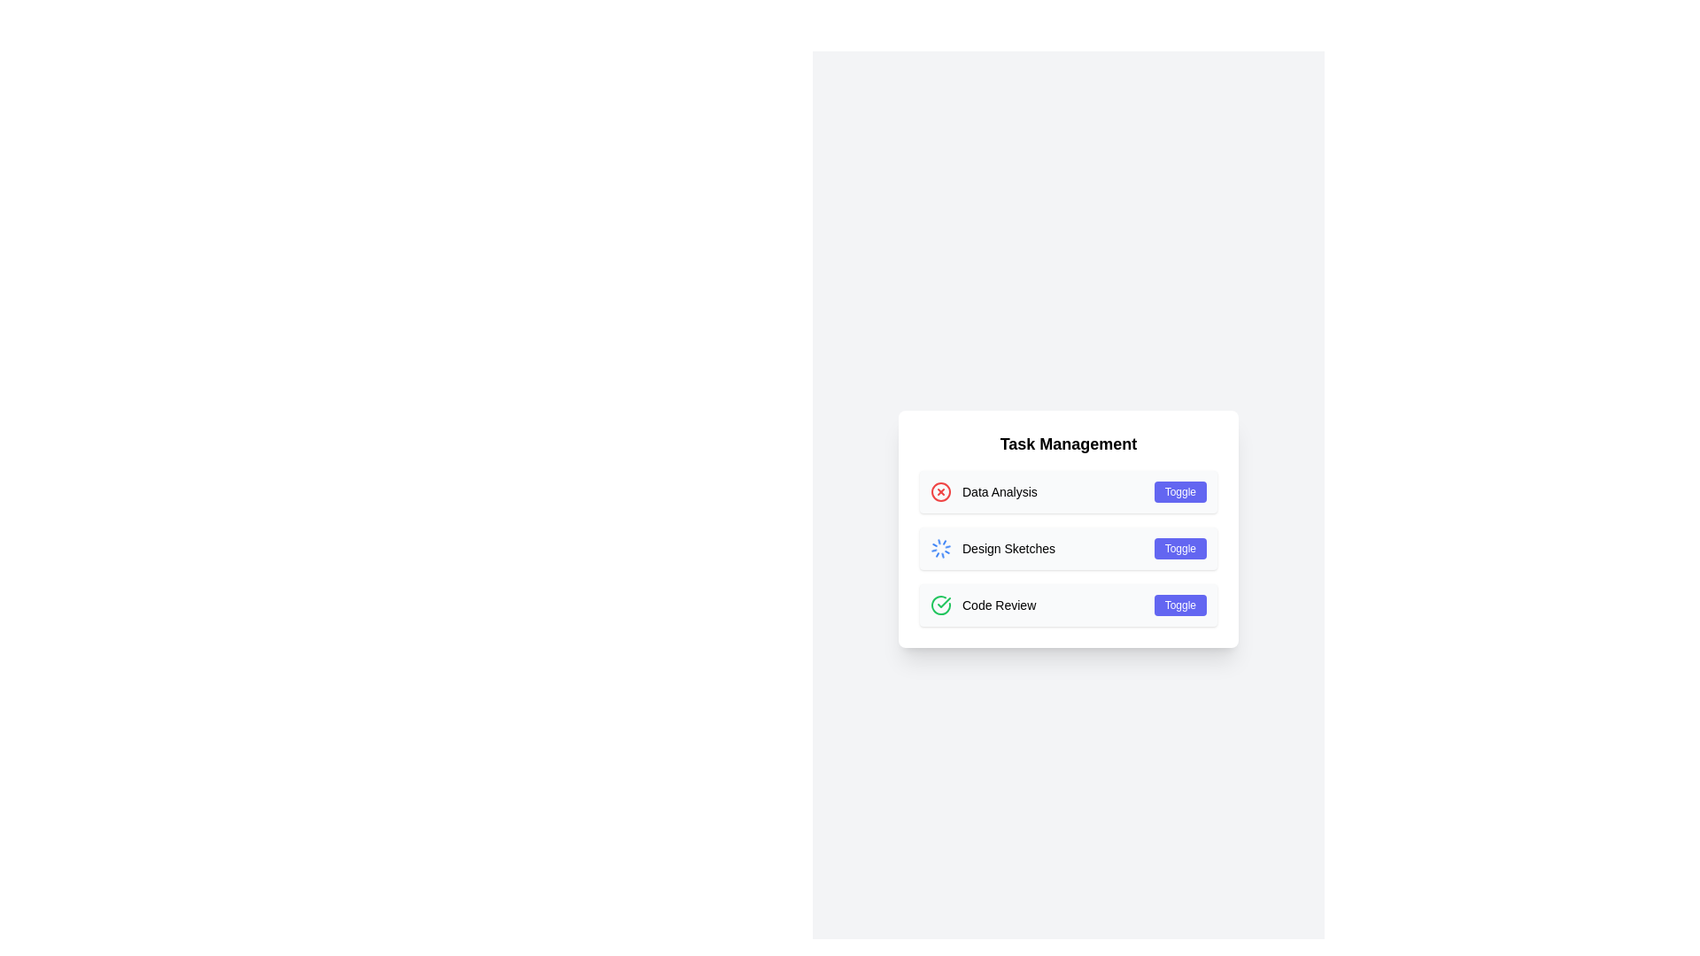 The image size is (1700, 956). Describe the element at coordinates (939, 548) in the screenshot. I see `the blue rotating circular spinner icon that indicates a loading state, located to the left of the 'Design Sketches' label in the second list item under 'Task Management'` at that location.